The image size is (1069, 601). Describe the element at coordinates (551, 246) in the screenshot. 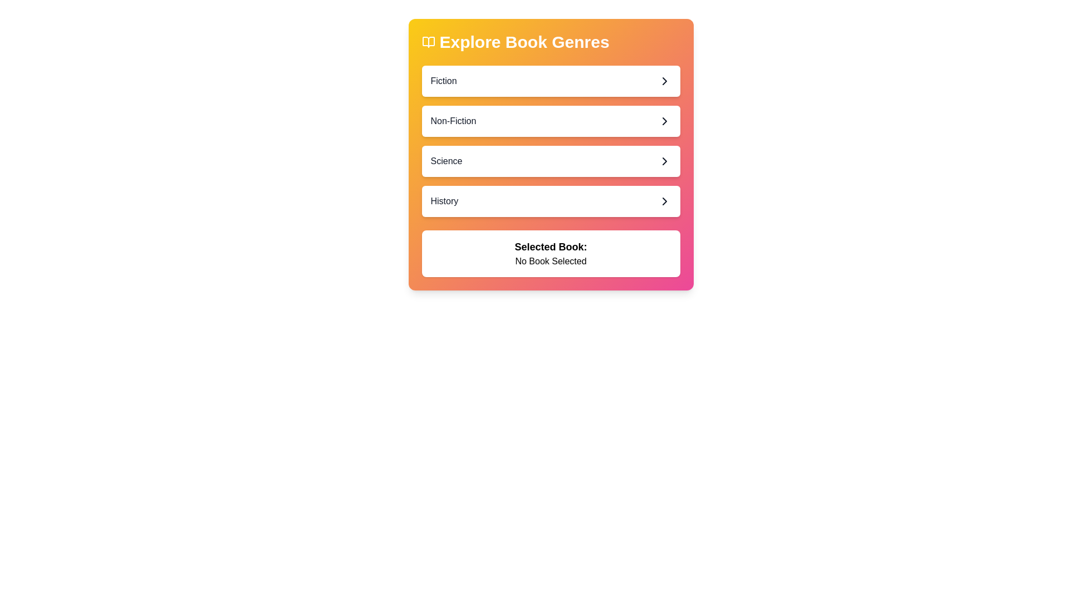

I see `text content of the Text Label that displays 'Selected Book:' which indicates the purpose of the current section` at that location.